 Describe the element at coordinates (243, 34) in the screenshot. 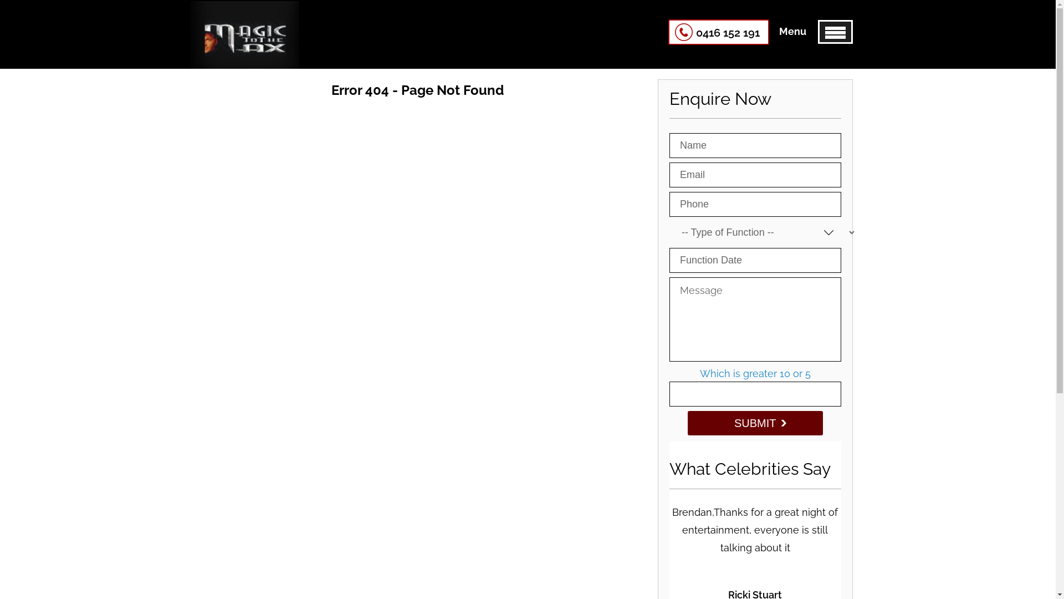

I see `'Magician Sydney'` at that location.